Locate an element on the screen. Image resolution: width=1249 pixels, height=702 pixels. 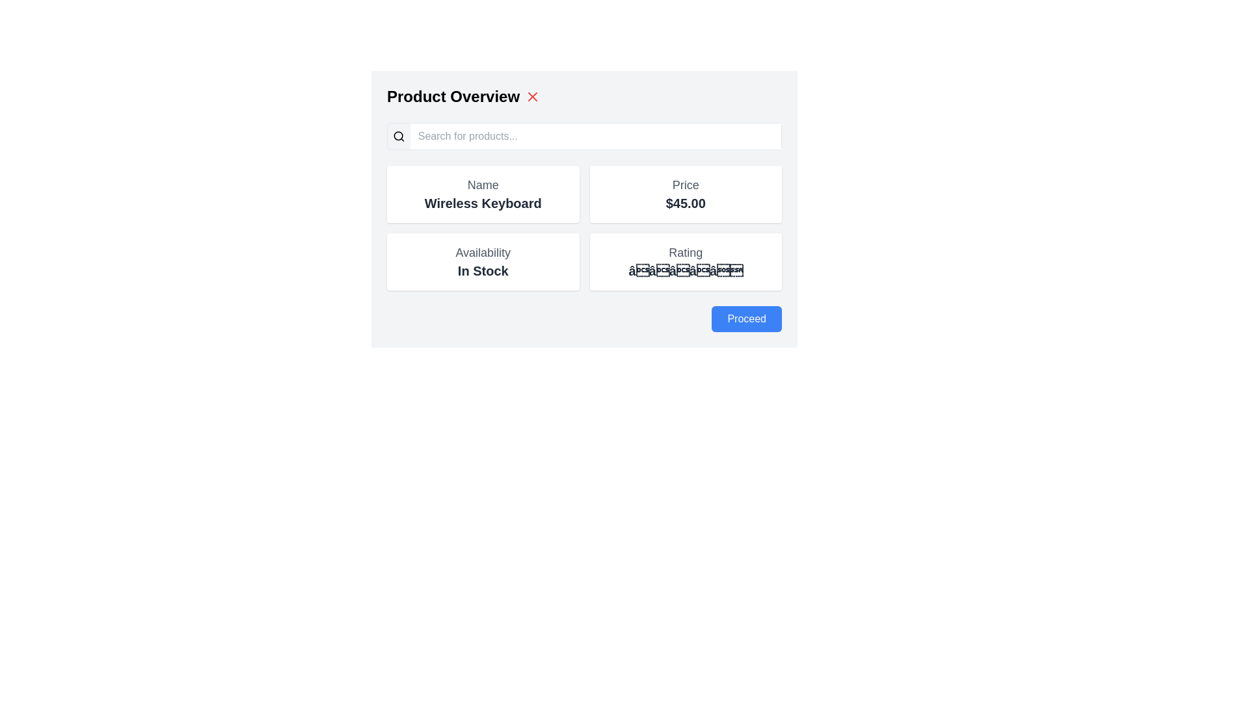
the text label displaying 'Availability' in bold gray font, located in the central lower part of the product details layout, above 'In Stock' is located at coordinates (482, 253).